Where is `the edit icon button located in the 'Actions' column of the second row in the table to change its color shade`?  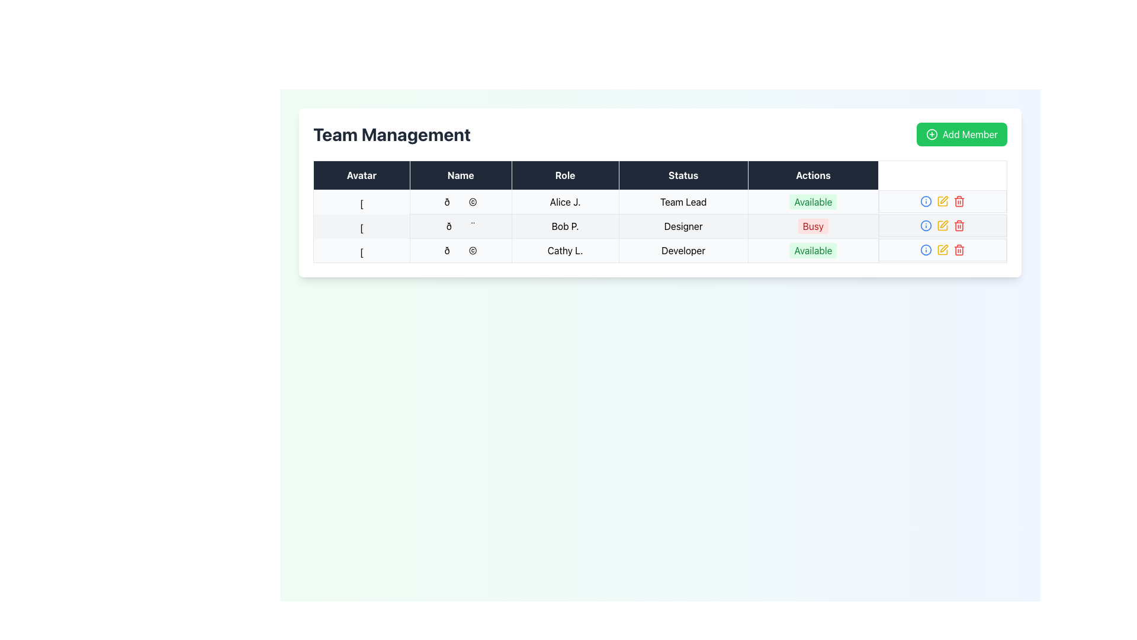 the edit icon button located in the 'Actions' column of the second row in the table to change its color shade is located at coordinates (942, 200).